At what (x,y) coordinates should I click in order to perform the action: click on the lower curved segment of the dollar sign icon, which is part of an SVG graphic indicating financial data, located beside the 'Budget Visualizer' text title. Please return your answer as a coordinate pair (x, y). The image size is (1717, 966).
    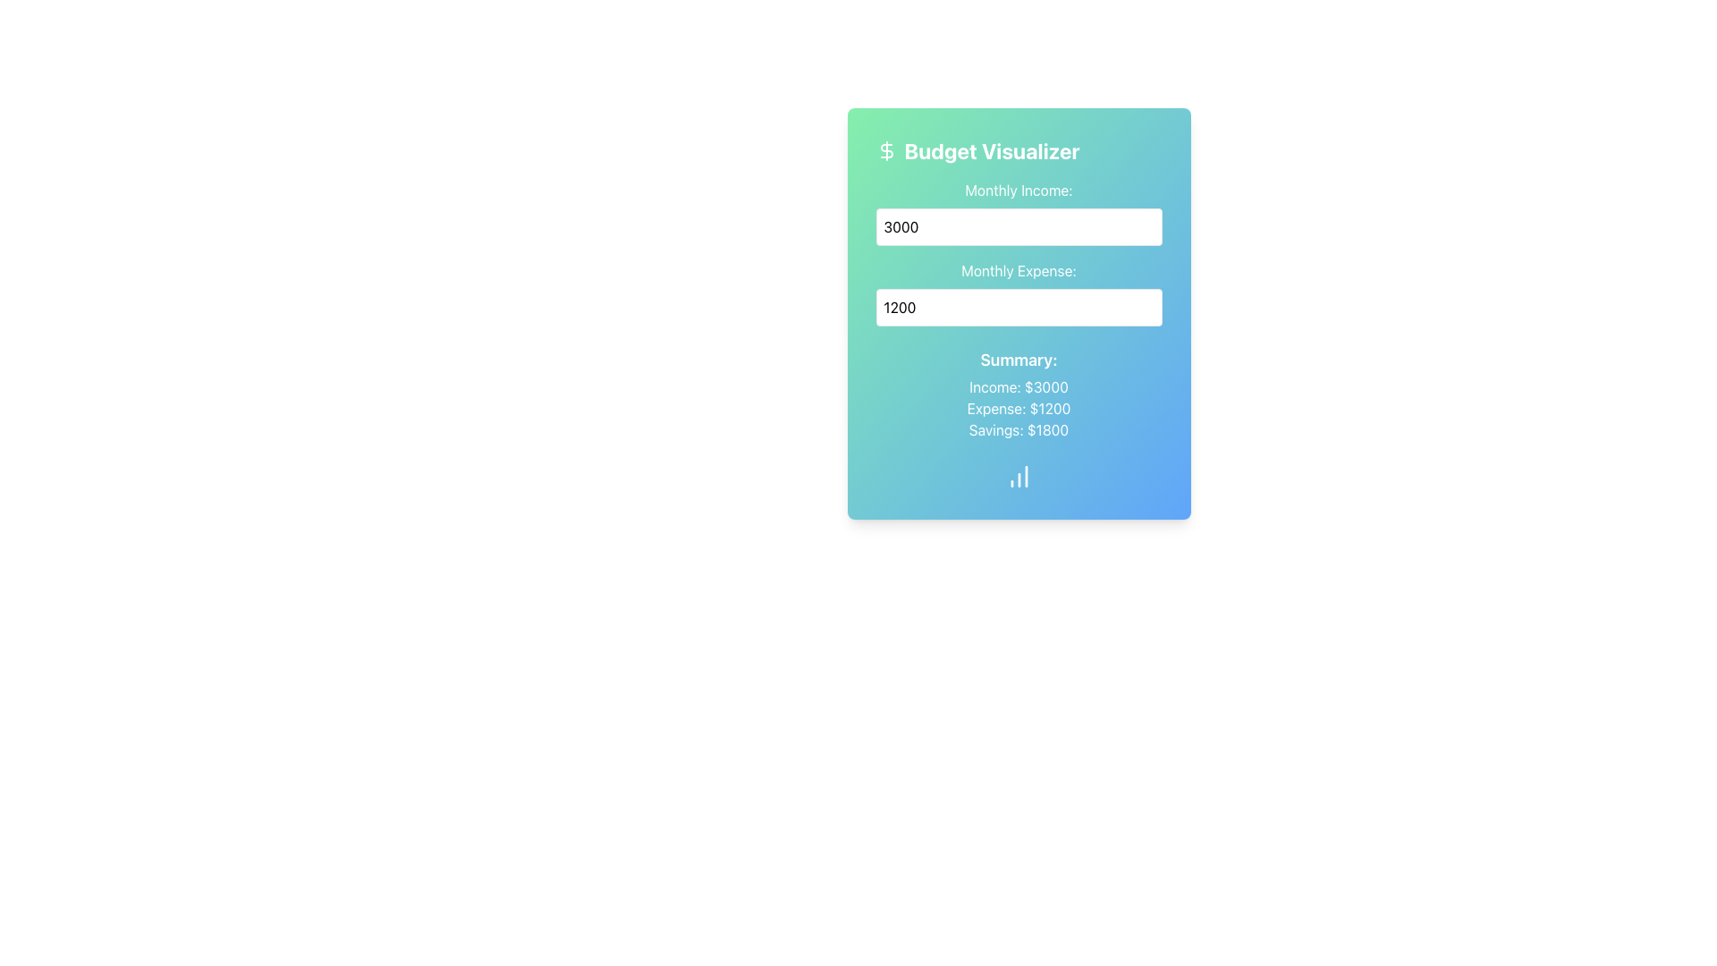
    Looking at the image, I should click on (886, 150).